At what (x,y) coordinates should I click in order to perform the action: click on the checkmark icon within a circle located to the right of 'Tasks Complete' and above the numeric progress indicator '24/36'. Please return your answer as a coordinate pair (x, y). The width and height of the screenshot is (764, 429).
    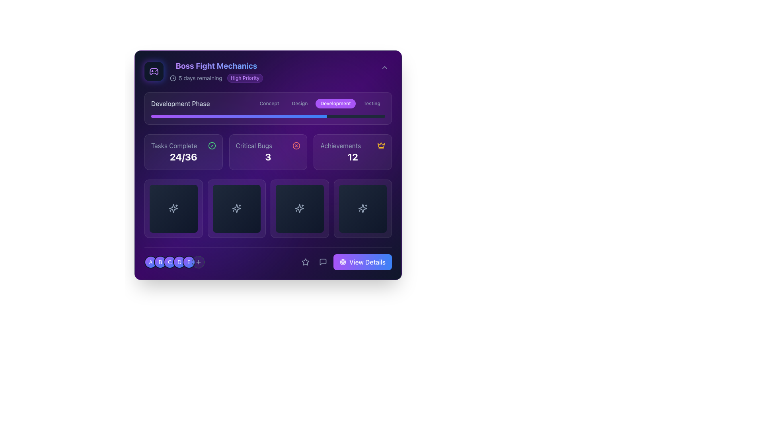
    Looking at the image, I should click on (212, 145).